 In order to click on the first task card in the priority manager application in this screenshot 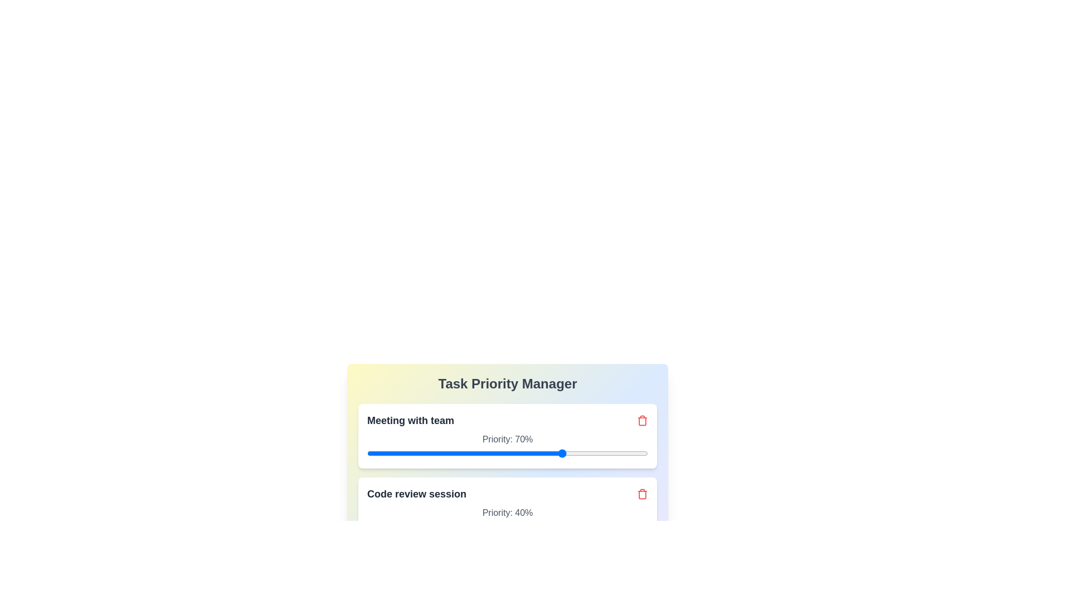, I will do `click(507, 435)`.